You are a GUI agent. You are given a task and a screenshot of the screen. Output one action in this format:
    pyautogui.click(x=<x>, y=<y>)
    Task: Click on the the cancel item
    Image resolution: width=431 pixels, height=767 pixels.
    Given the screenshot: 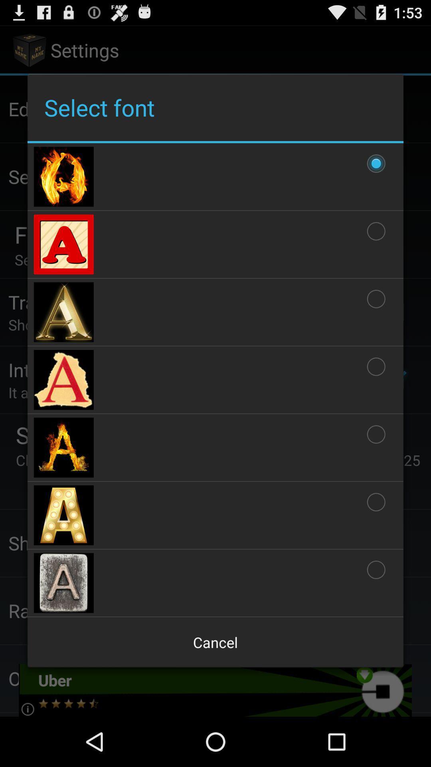 What is the action you would take?
    pyautogui.click(x=215, y=642)
    